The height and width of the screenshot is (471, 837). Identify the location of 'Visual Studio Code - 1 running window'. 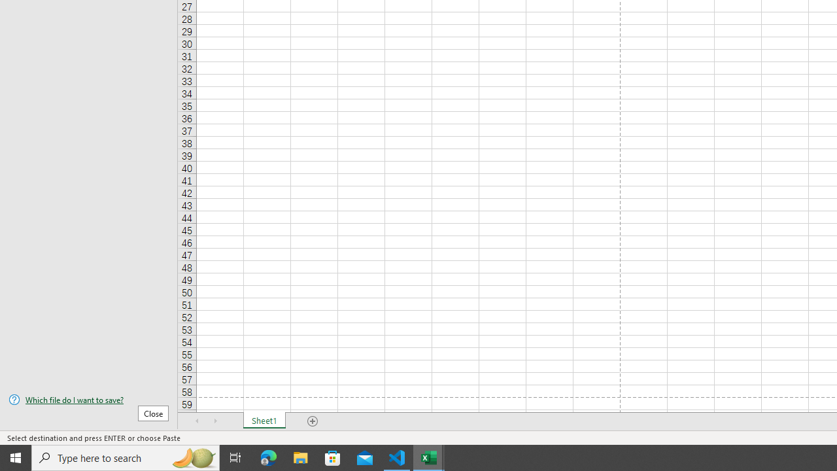
(396, 457).